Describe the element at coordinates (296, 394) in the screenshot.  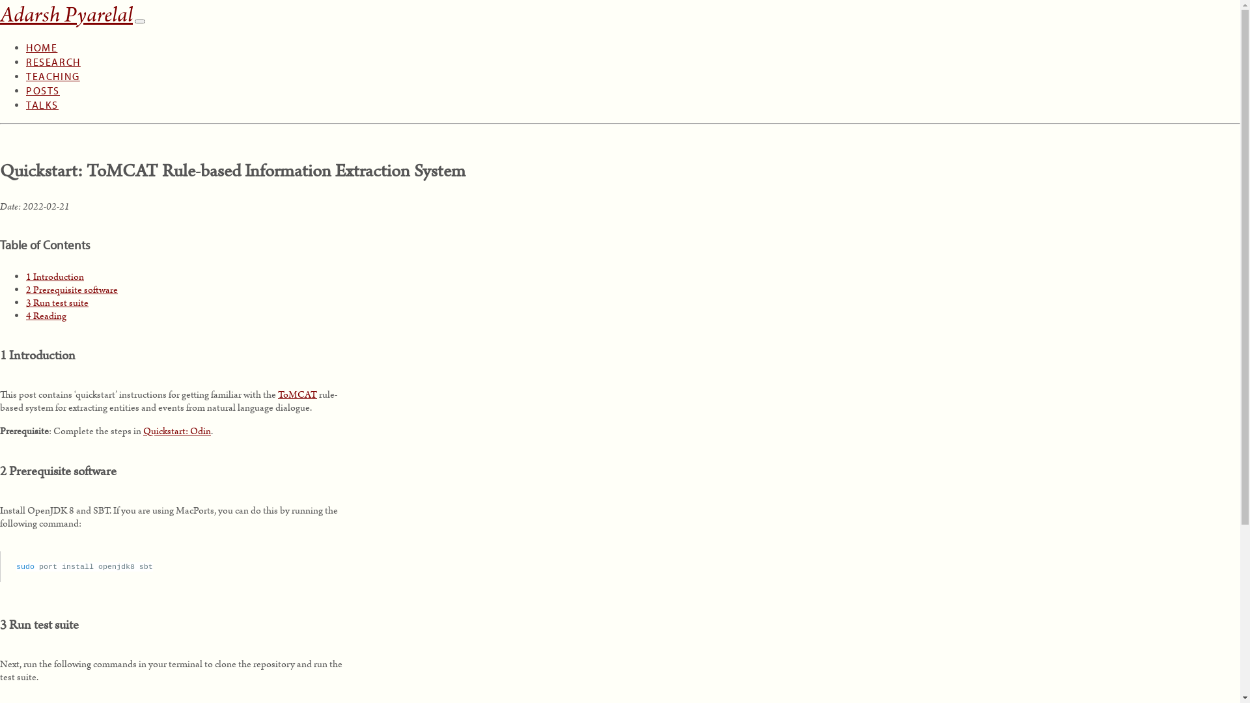
I see `'ToMCAT'` at that location.